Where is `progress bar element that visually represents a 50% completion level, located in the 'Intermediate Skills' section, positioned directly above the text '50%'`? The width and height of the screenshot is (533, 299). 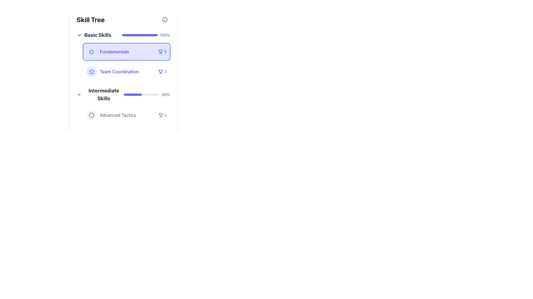
progress bar element that visually represents a 50% completion level, located in the 'Intermediate Skills' section, positioned directly above the text '50%' is located at coordinates (141, 94).